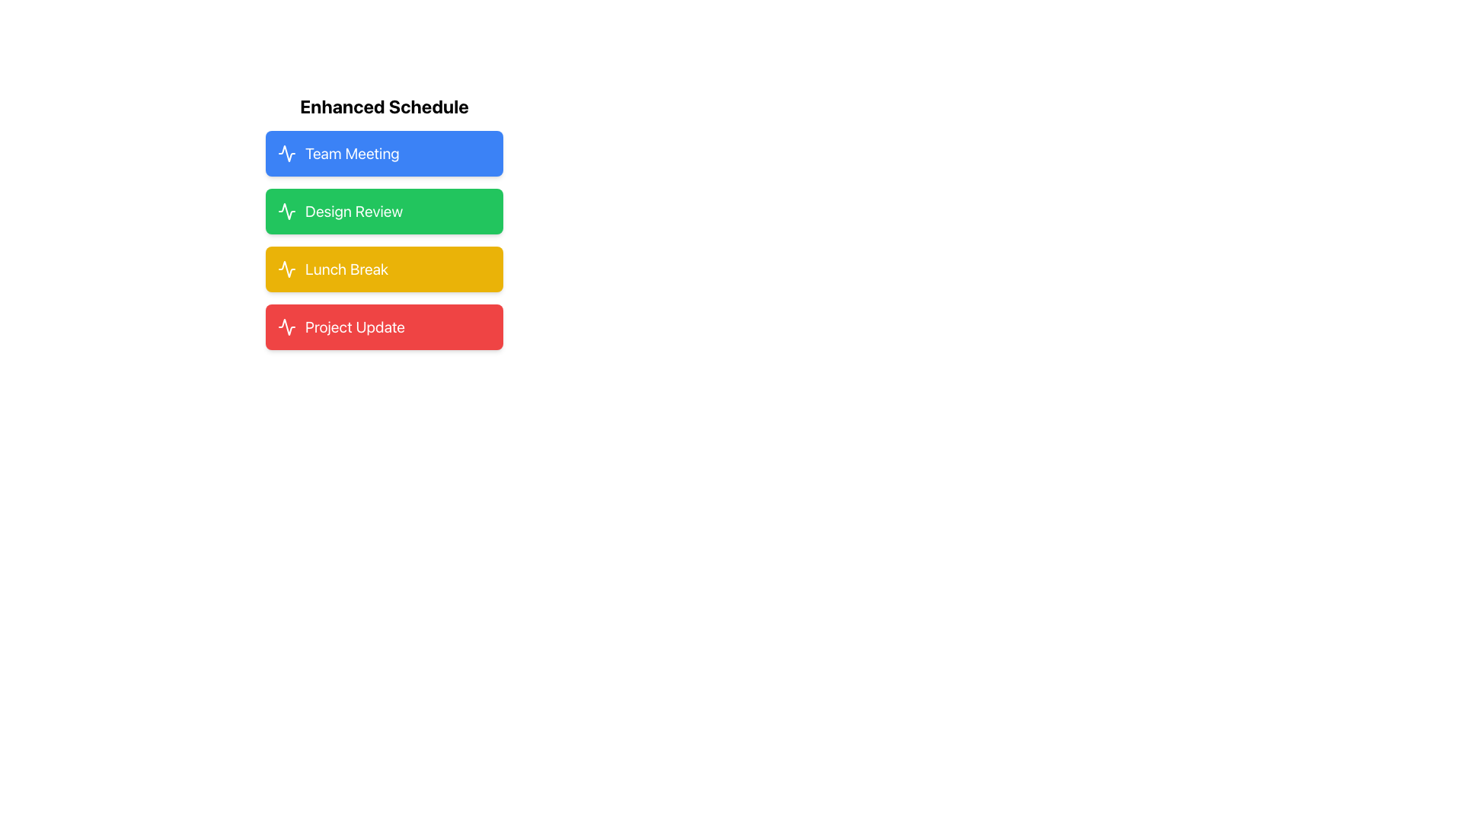  What do you see at coordinates (354, 326) in the screenshot?
I see `the 'Project Update' text label which is displayed in bold white font on a red rectangular background, located in the fourth row of a vertically stacked list of elements` at bounding box center [354, 326].